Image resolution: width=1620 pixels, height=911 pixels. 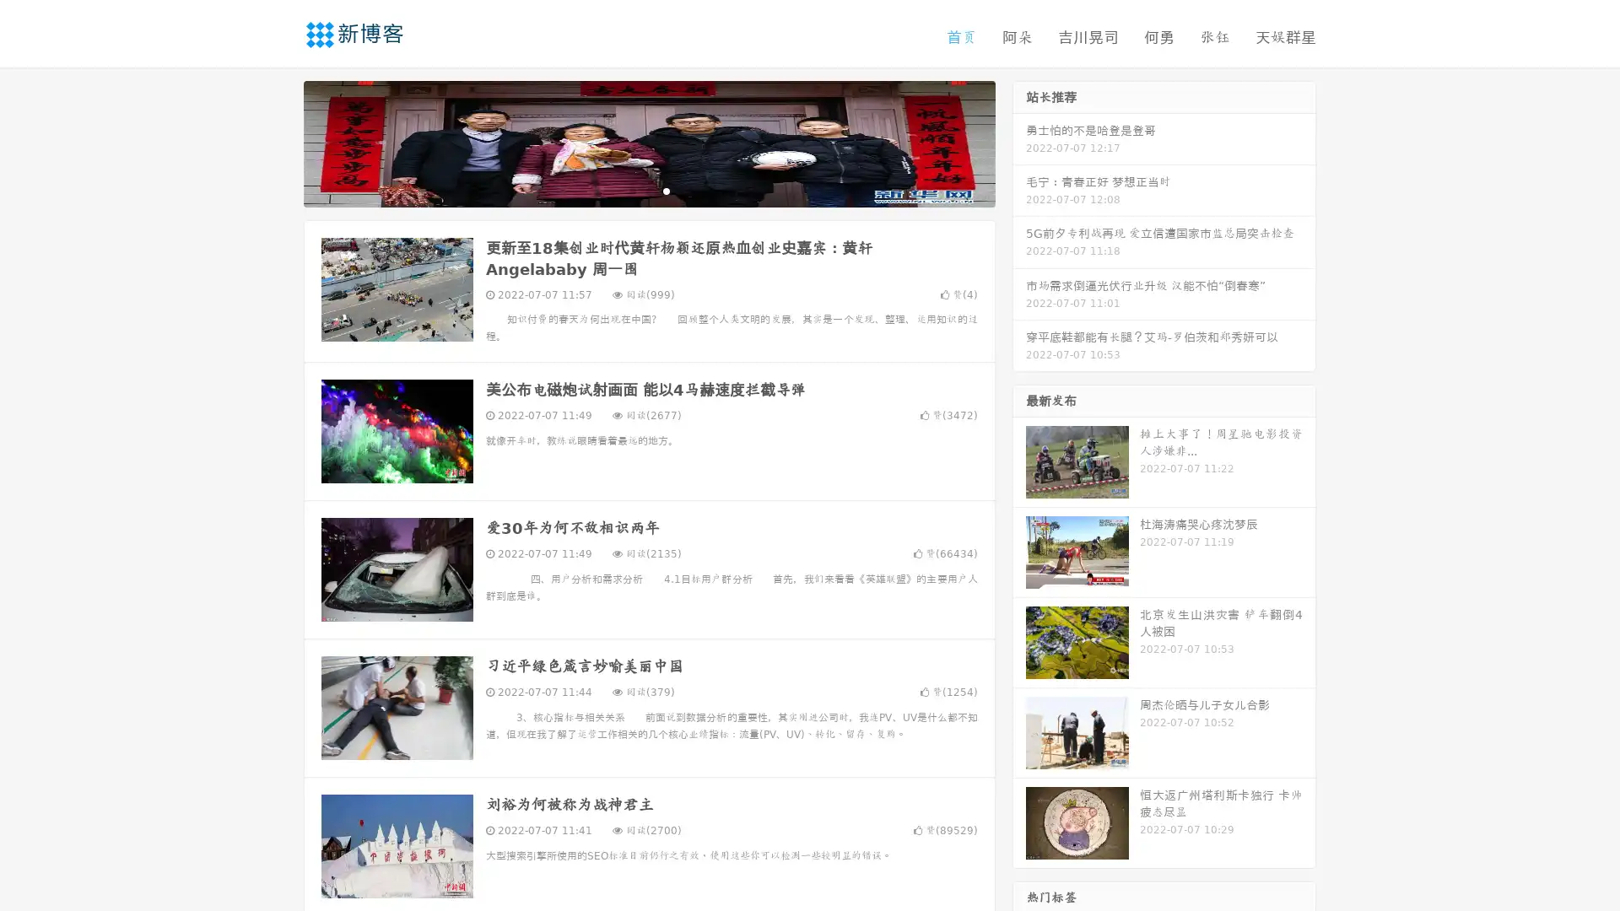 I want to click on Next slide, so click(x=1019, y=142).